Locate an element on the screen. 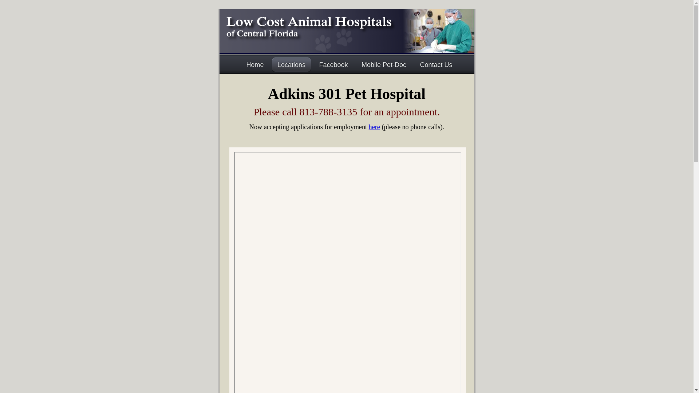  'here' is located at coordinates (368, 126).